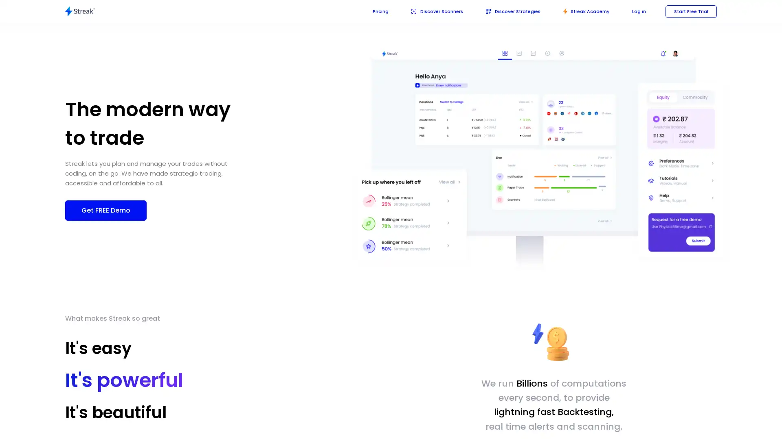 The image size is (782, 439). I want to click on Start Free Trial, so click(690, 11).